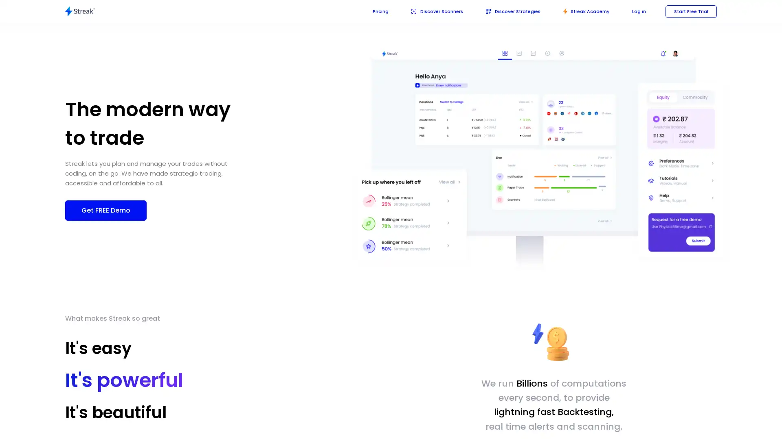 The image size is (782, 439). I want to click on Start Free Trial, so click(690, 11).